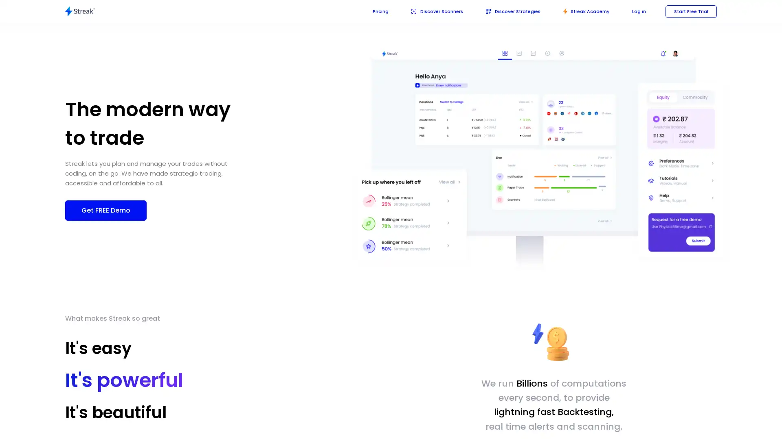 The image size is (782, 439). I want to click on Start Free Trial, so click(690, 11).